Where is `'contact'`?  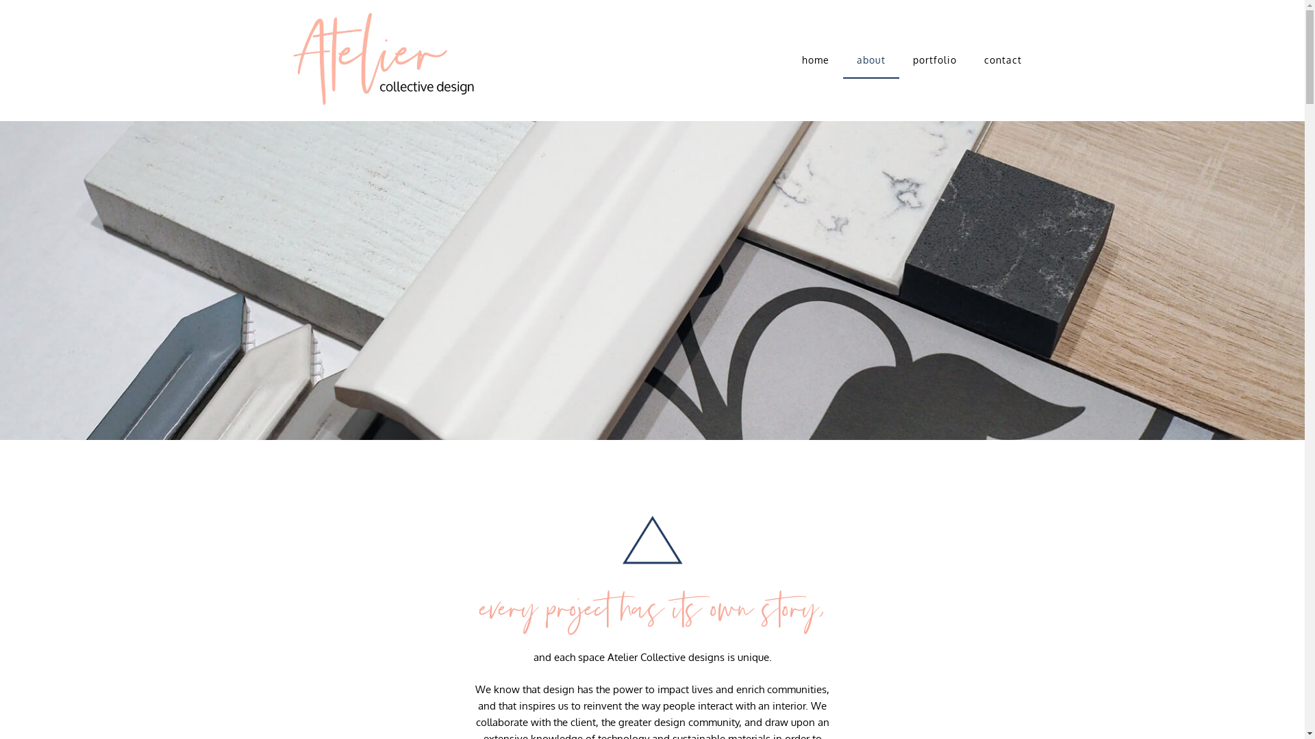 'contact' is located at coordinates (969, 60).